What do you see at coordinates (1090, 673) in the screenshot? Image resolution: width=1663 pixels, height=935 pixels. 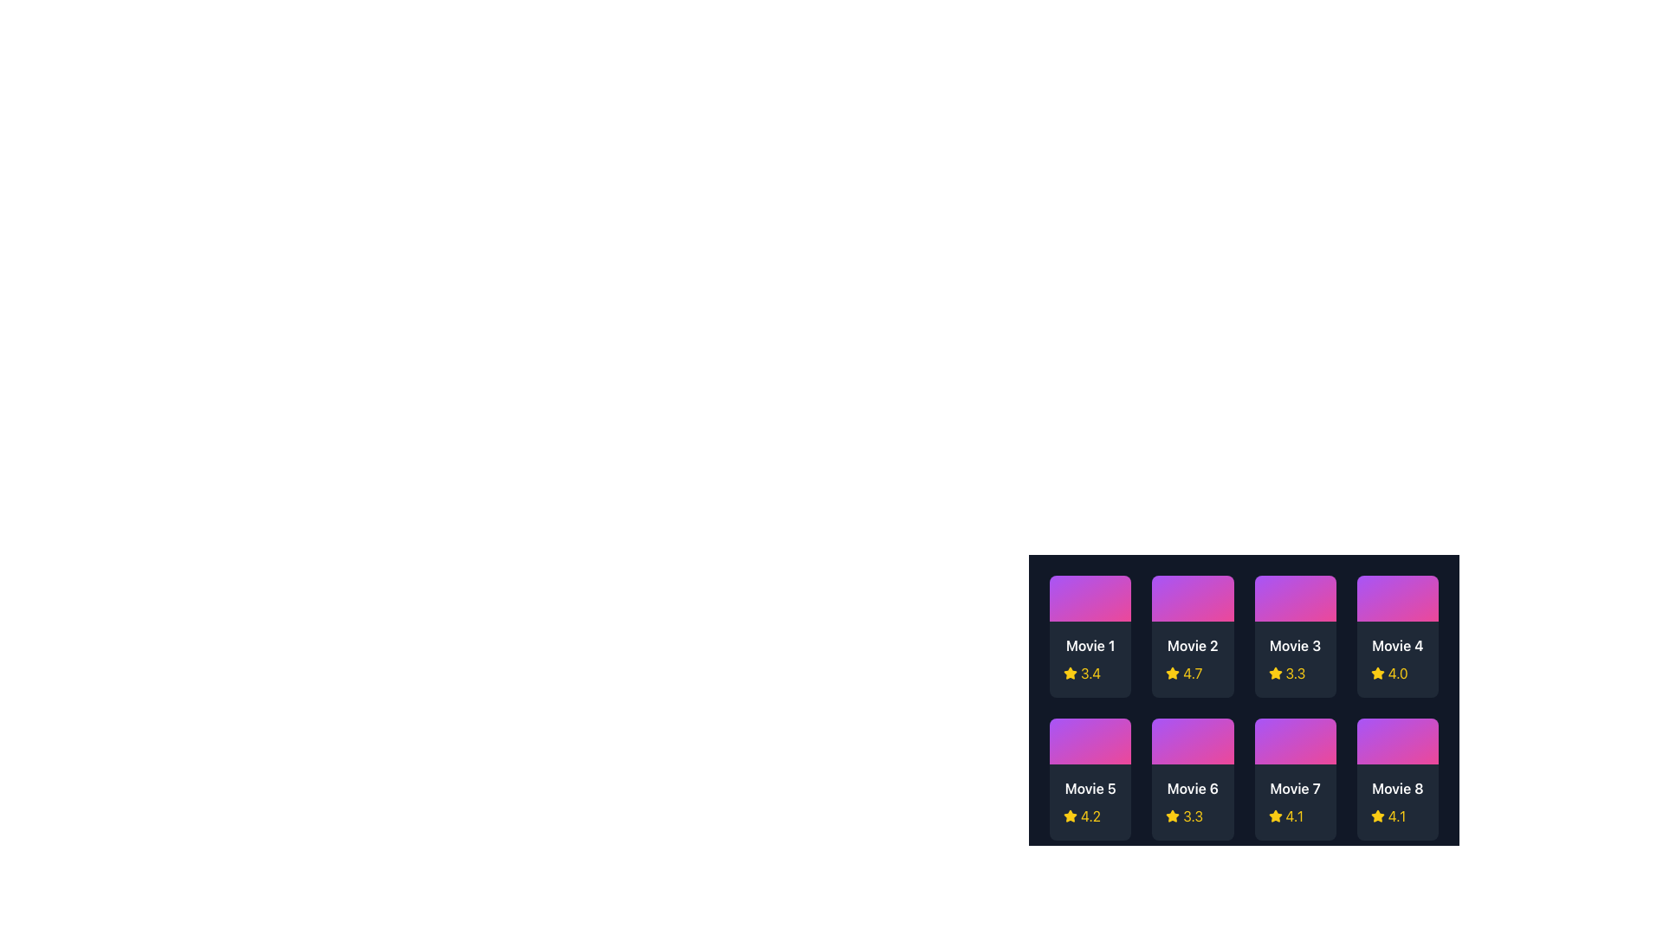 I see `the Rating display component located in the first card of the grid layout, which shows the star icon and numerical rating for 'Movie 1'` at bounding box center [1090, 673].